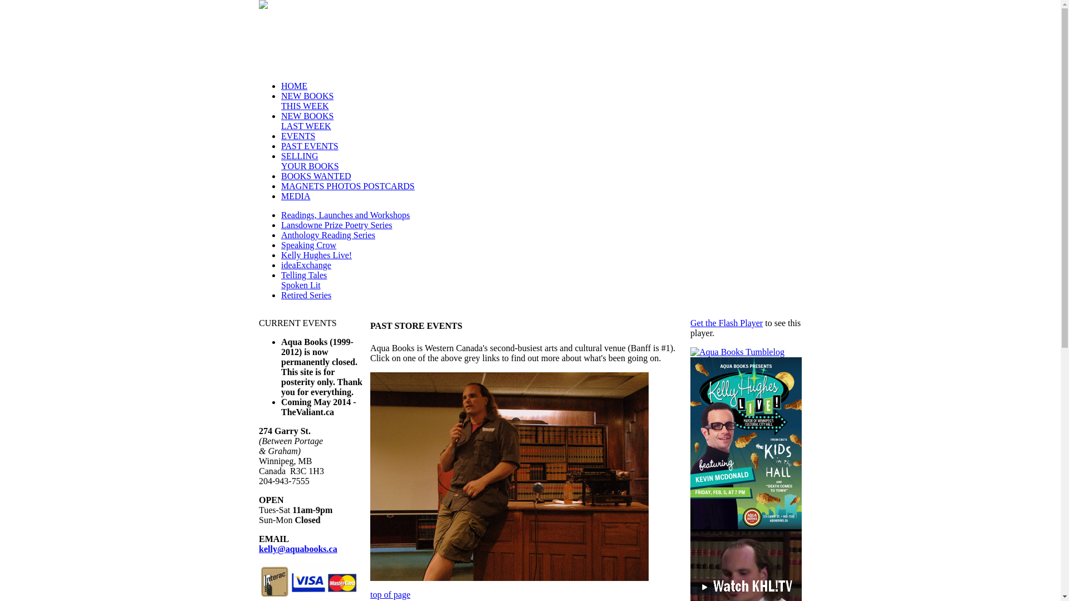 Image resolution: width=1069 pixels, height=601 pixels. I want to click on 'kelly@aquabooks.ca', so click(298, 548).